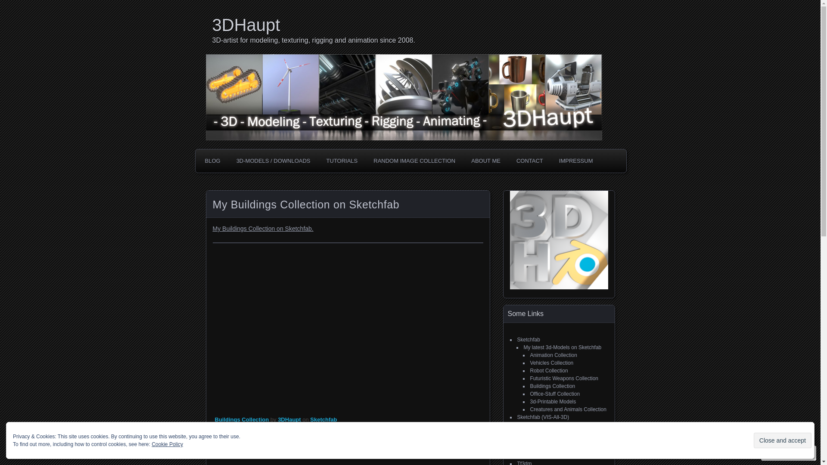 The image size is (827, 465). What do you see at coordinates (529, 161) in the screenshot?
I see `'CONTACT'` at bounding box center [529, 161].